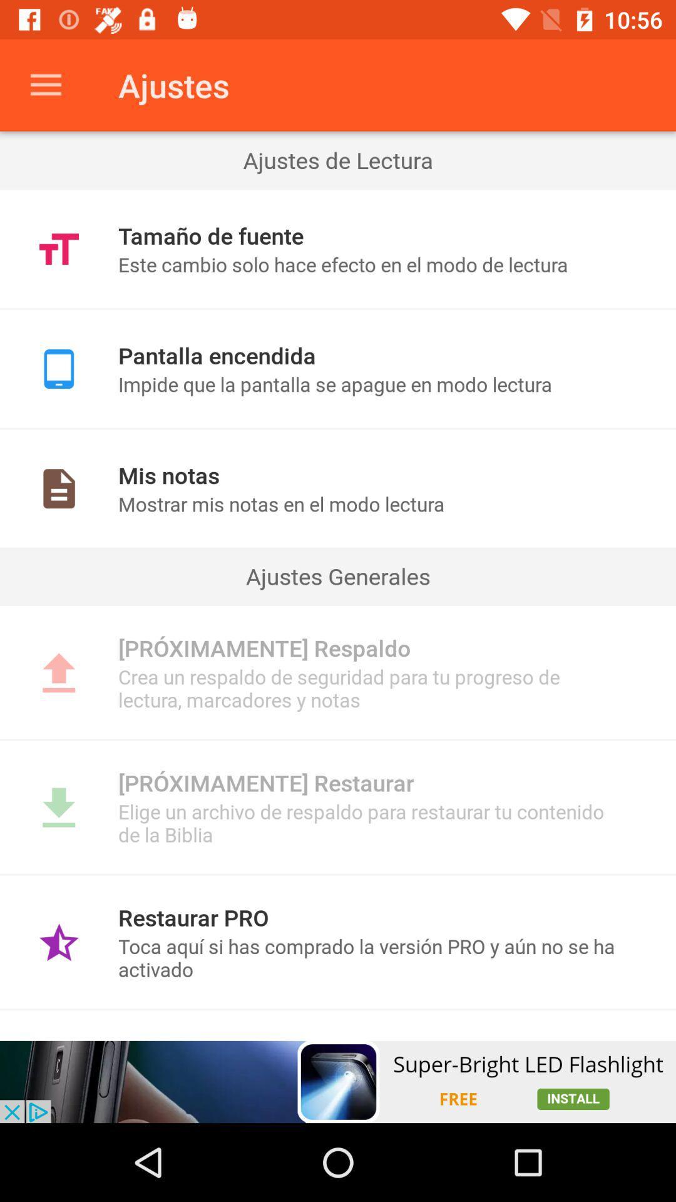 The height and width of the screenshot is (1202, 676). Describe the element at coordinates (338, 739) in the screenshot. I see `item below the crea un respaldo item` at that location.